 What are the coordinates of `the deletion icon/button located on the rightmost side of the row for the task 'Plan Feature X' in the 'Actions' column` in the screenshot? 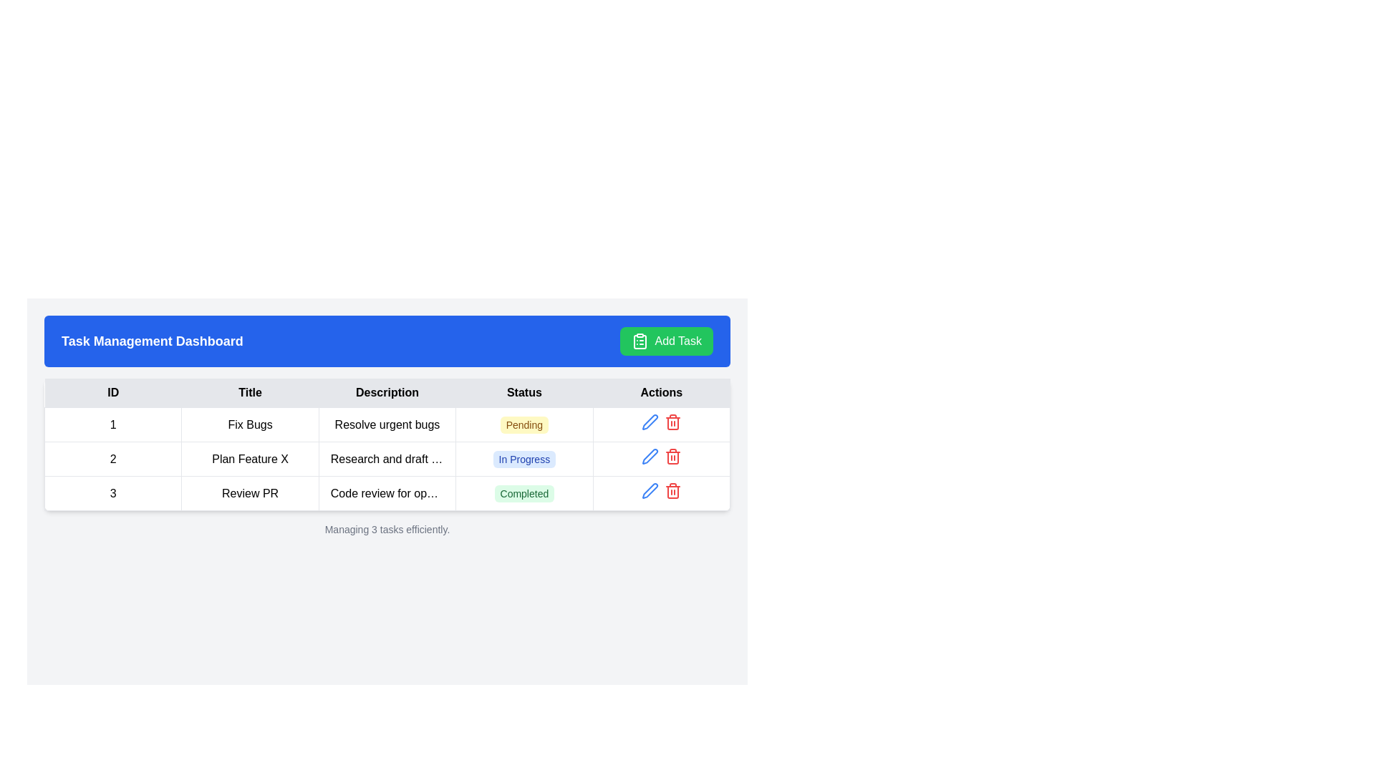 It's located at (672, 490).